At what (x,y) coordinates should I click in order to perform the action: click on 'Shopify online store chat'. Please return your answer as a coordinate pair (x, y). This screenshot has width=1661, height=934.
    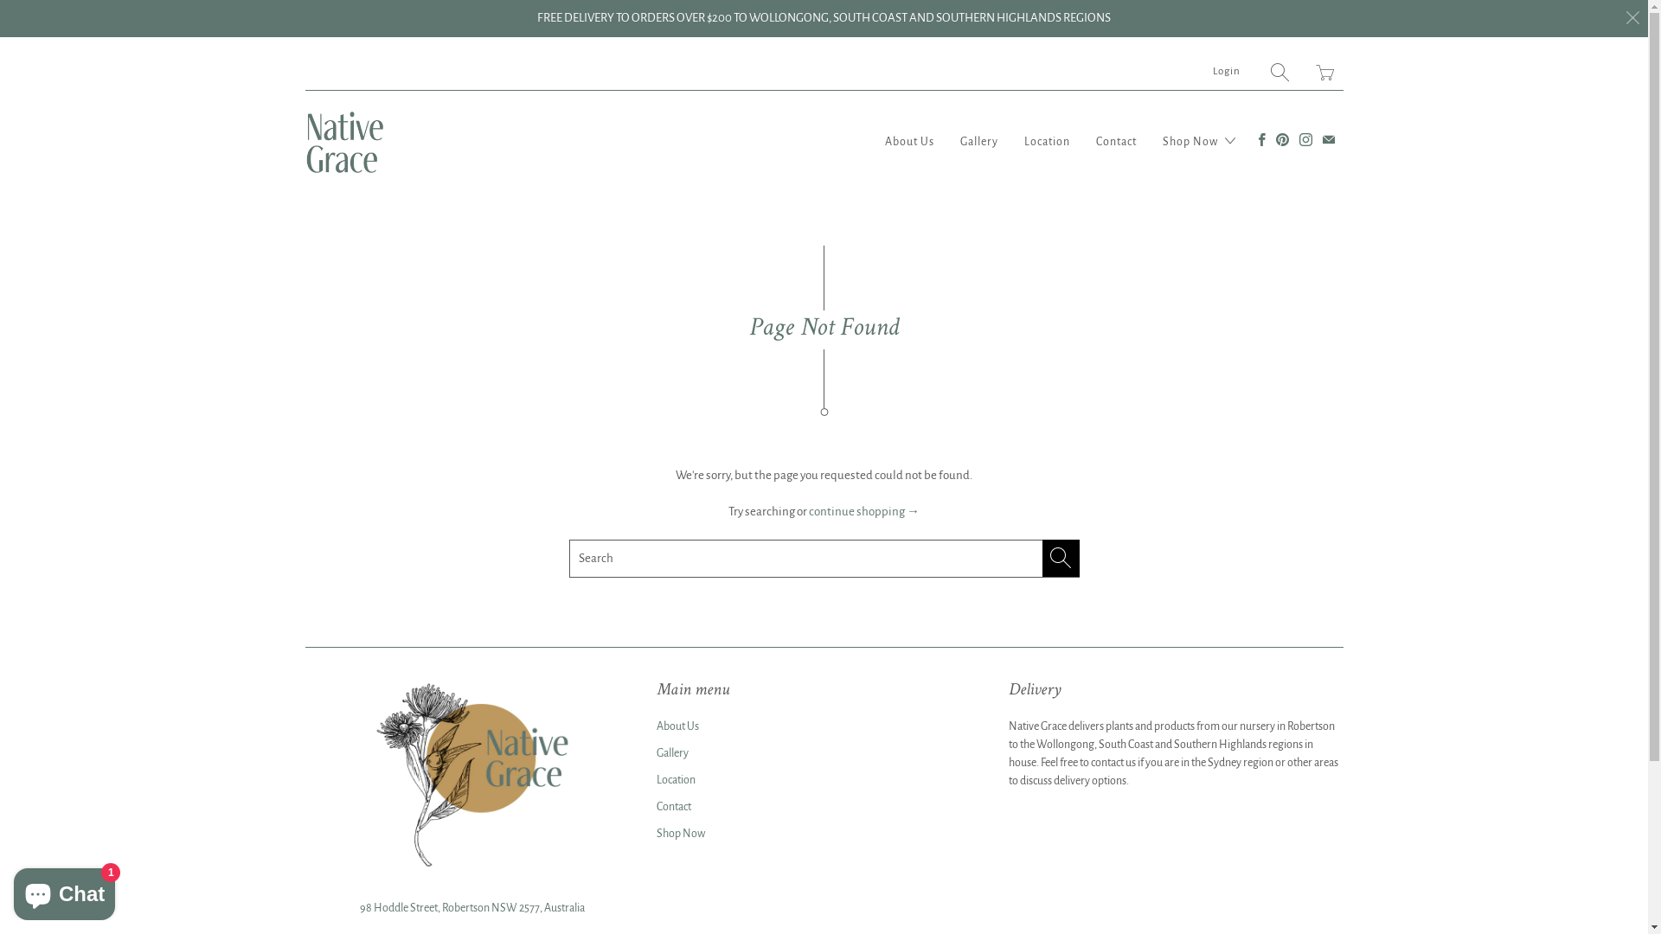
    Looking at the image, I should click on (64, 890).